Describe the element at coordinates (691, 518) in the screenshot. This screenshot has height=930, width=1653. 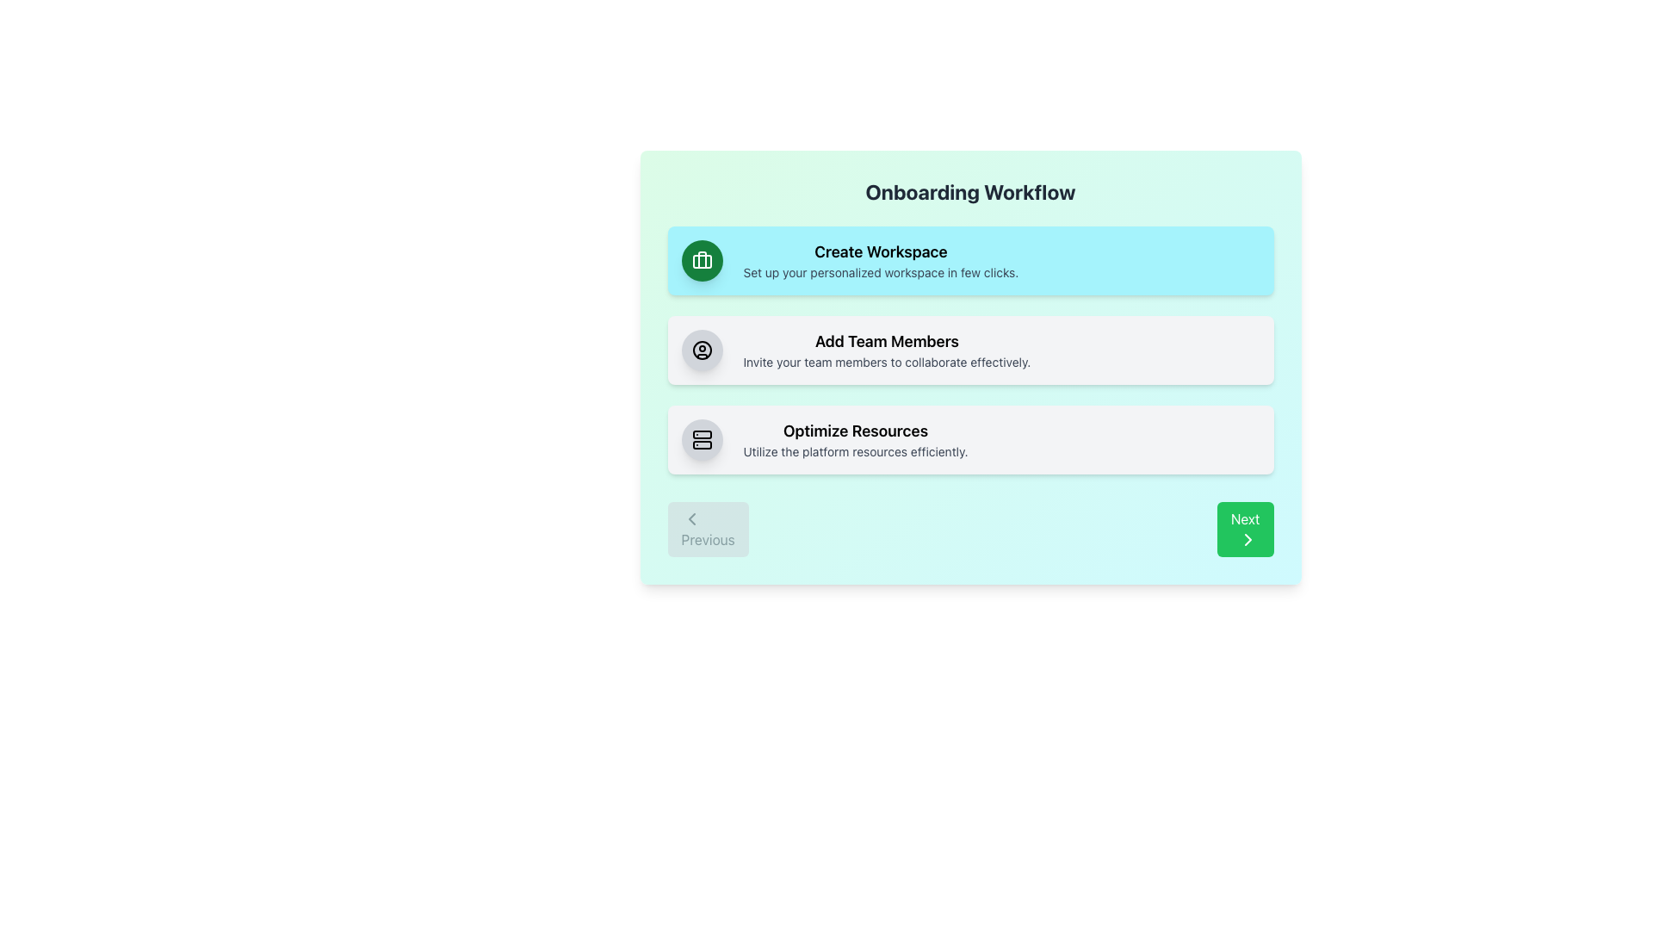
I see `the chevron icon for backward navigation indication located in the 'Previous' button on the lower left corner of the interface` at that location.